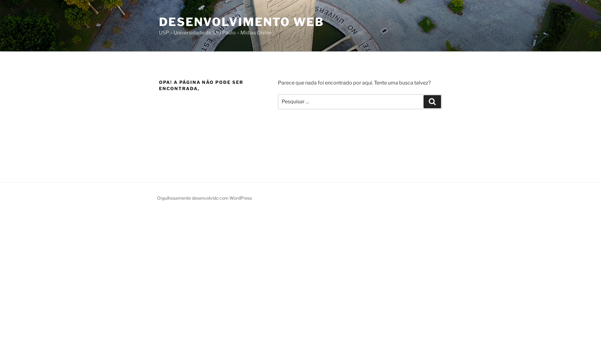  I want to click on 'Pesquisar', so click(432, 101).